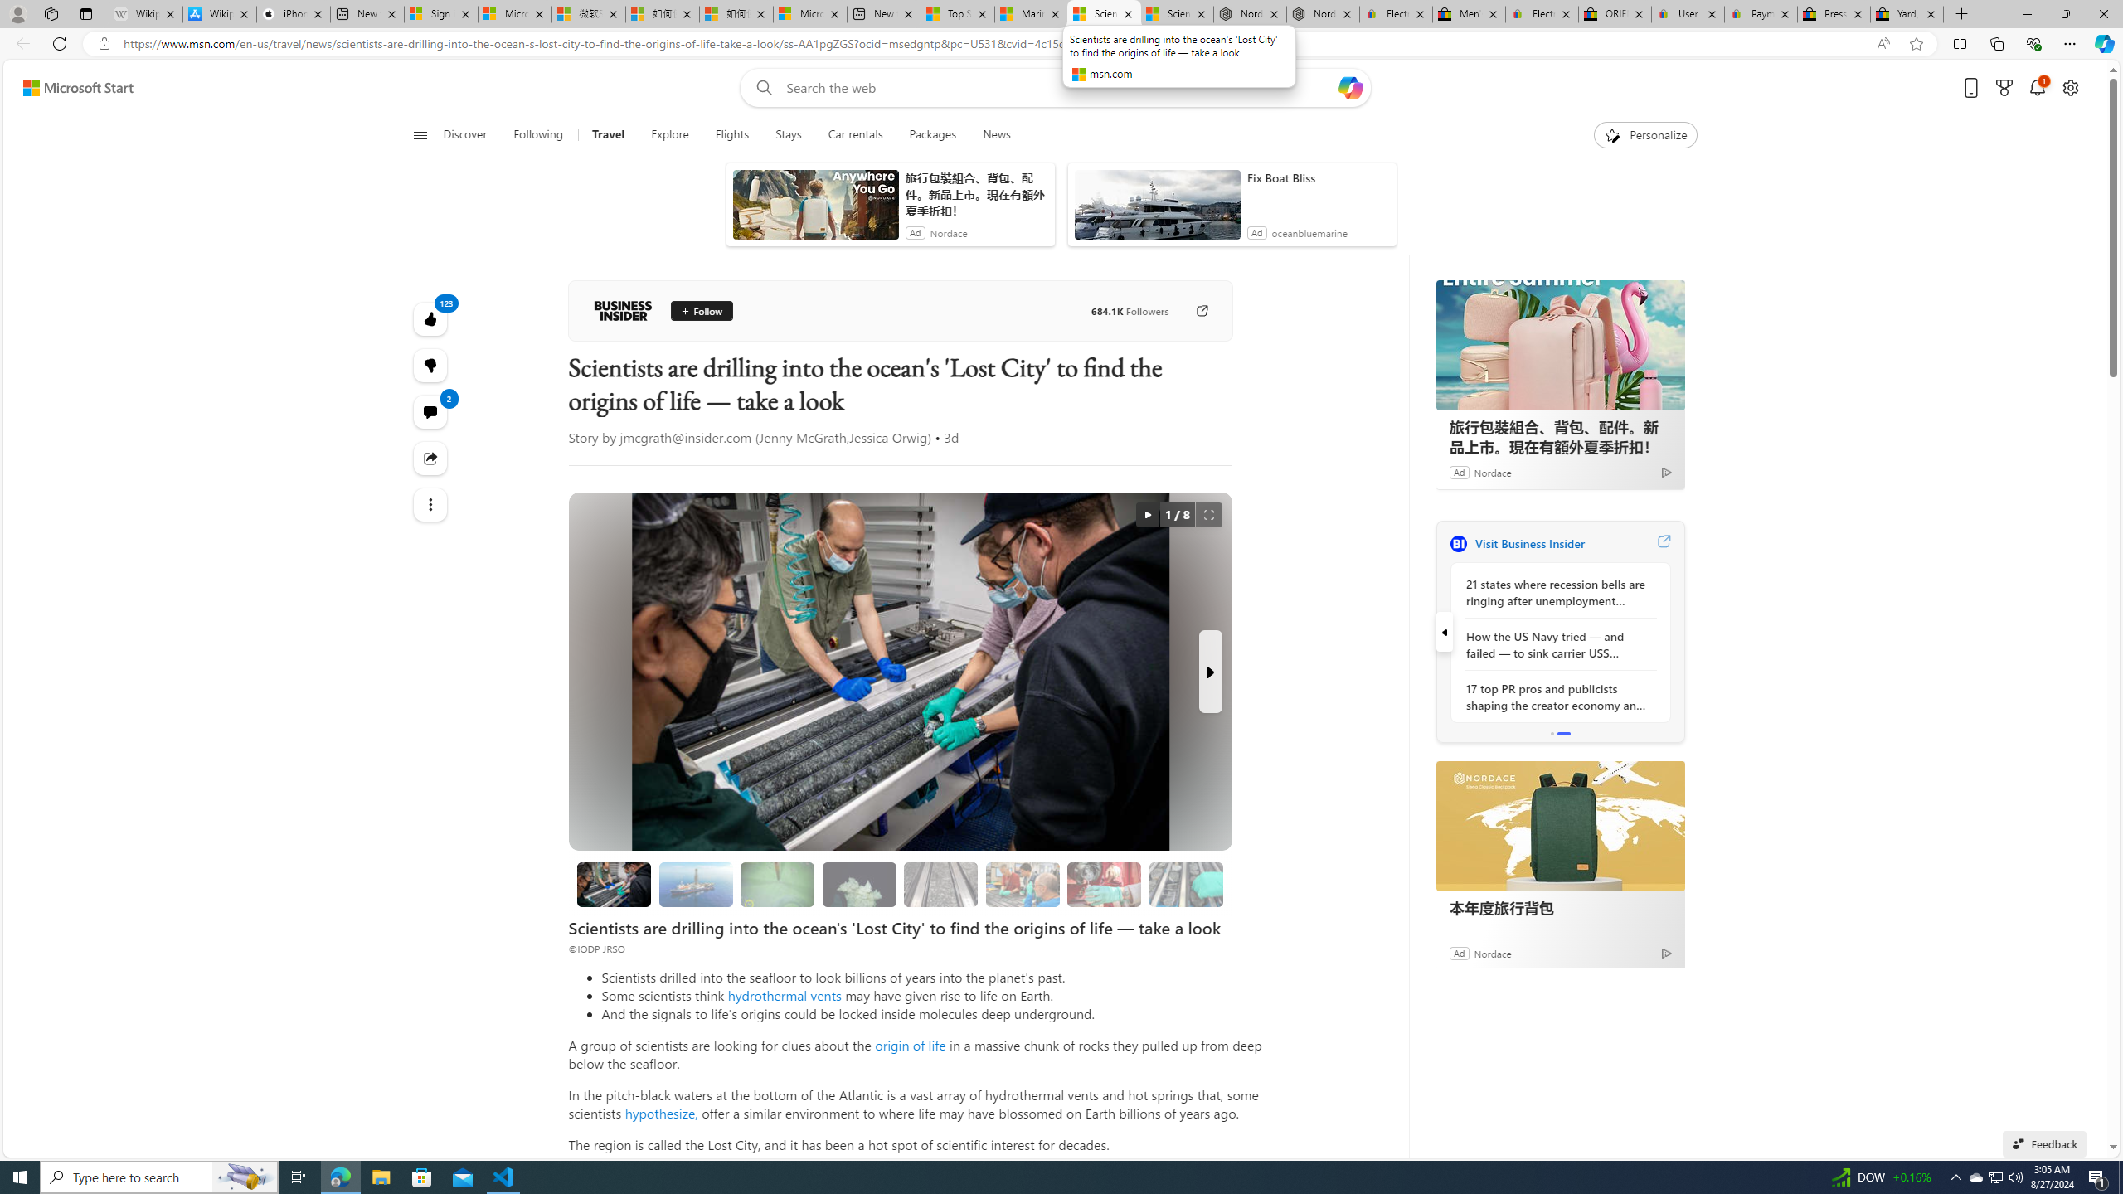  What do you see at coordinates (430, 318) in the screenshot?
I see `'123 Like'` at bounding box center [430, 318].